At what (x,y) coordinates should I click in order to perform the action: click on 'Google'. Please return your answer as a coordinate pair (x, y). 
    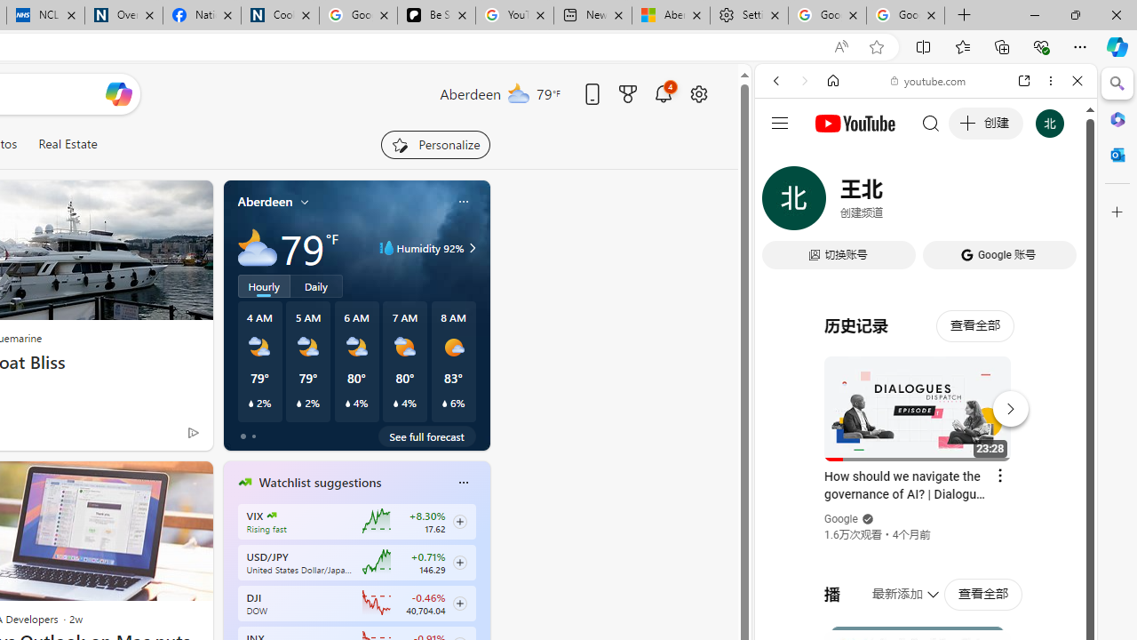
    Looking at the image, I should click on (840, 519).